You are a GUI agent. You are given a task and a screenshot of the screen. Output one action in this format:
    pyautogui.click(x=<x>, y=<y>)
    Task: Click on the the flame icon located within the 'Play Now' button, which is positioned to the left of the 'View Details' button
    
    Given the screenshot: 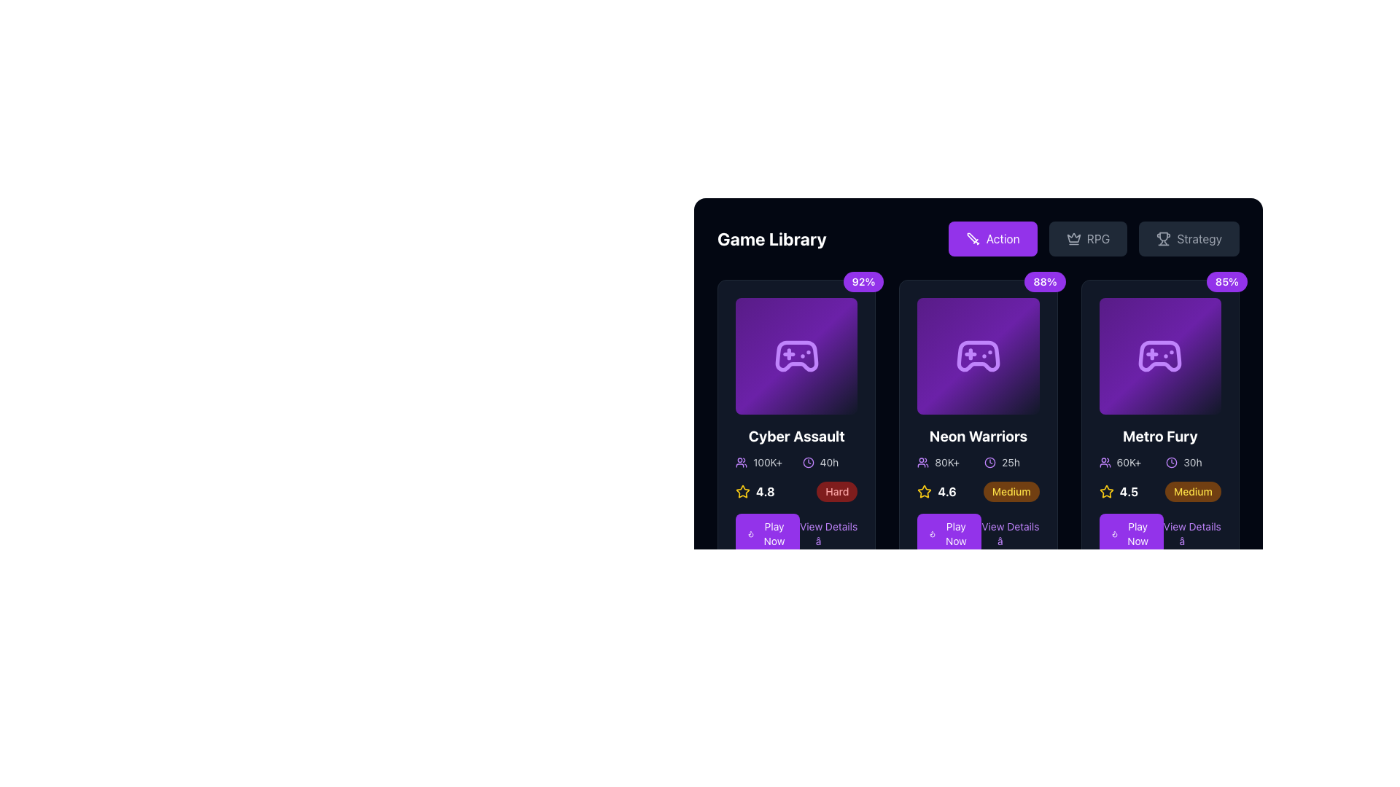 What is the action you would take?
    pyautogui.click(x=751, y=533)
    